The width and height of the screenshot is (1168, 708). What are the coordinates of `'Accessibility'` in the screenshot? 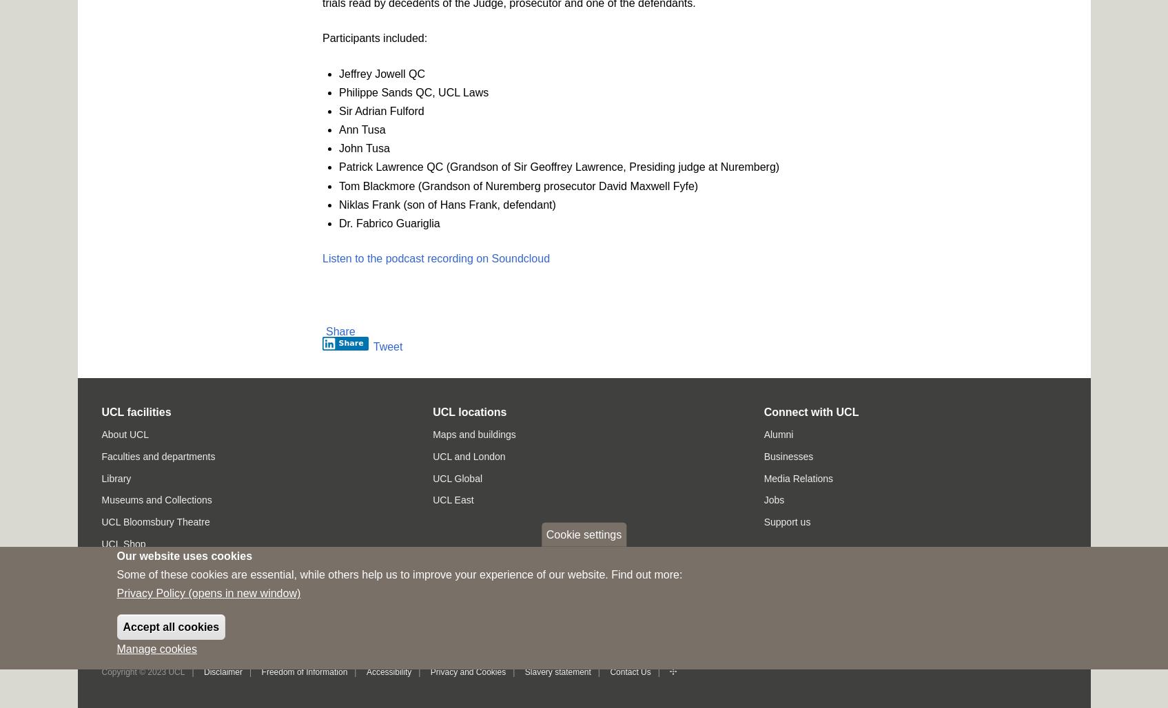 It's located at (388, 670).